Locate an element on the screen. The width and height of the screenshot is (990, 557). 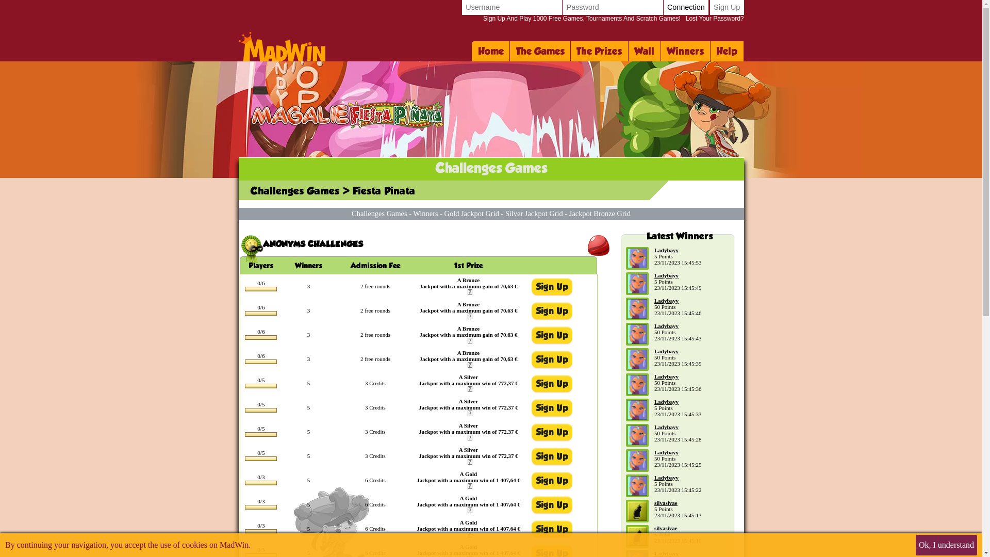
'Home' is located at coordinates (490, 51).